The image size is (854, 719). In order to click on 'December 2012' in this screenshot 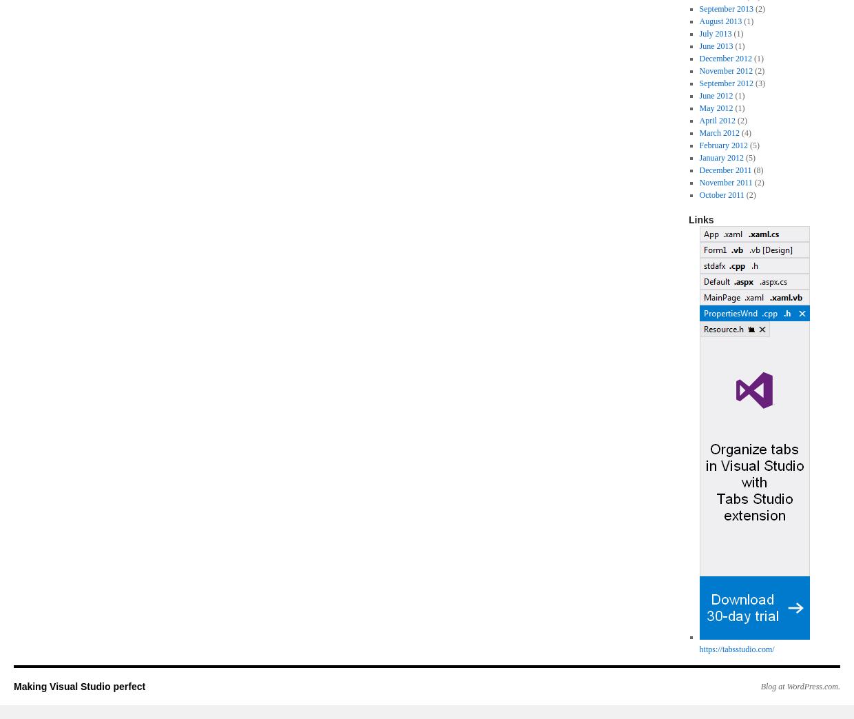, I will do `click(725, 59)`.